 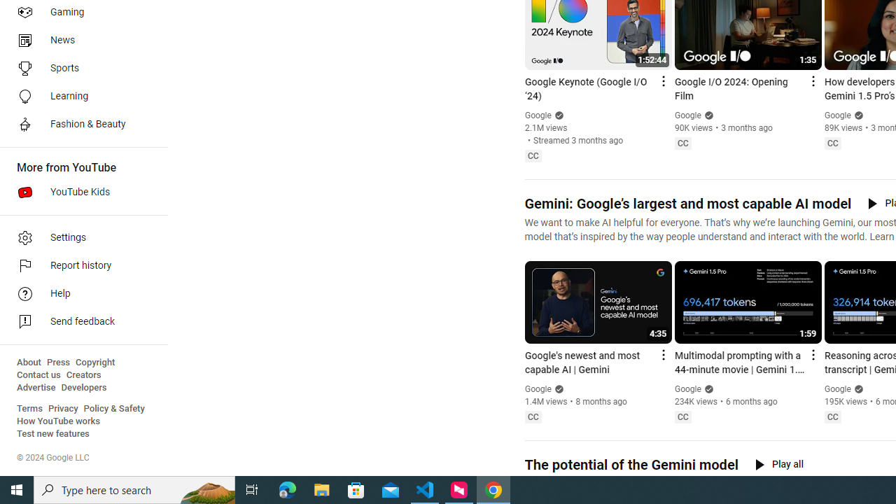 I want to click on 'Creators', so click(x=83, y=374).